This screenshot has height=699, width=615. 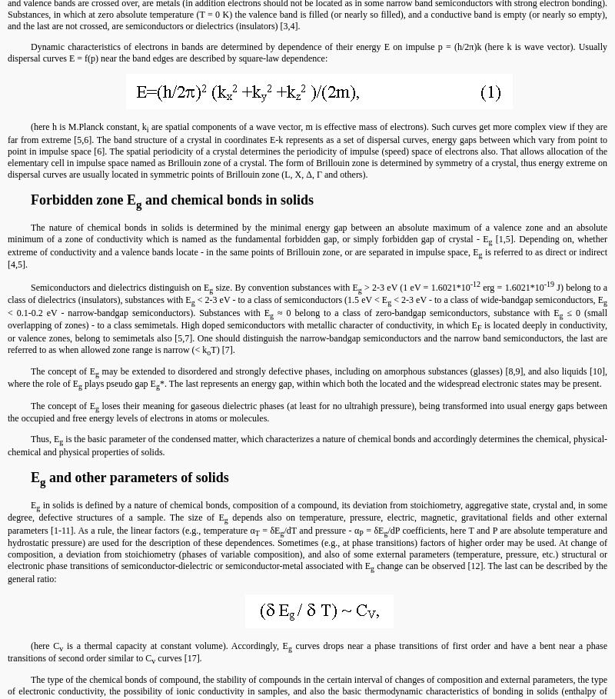 What do you see at coordinates (8, 150) in the screenshot?
I see `'are spatial components of a wave vector, m is effective mass of electrons). Such curves get more complex view if they are far from extreme [5,6]. The band structure of a crystal in coordinates E-k represents as a set of dispersal curves, energy gaps between which vary from point to point in impulse space [6]. The spatial periodicity of a crystal determines the periodicity of impulse (speed) space of electrons also. That allows allocation of the elementary cell in impulse space named as Brillouin zone of a crystal. The form of Brillouin zone is determined by symmetry of a crystal, thus energy extreme on dispersal curves are usually located in symmetric points of Brillouin zone (L, X, Δ, Γ and others).'` at bounding box center [8, 150].